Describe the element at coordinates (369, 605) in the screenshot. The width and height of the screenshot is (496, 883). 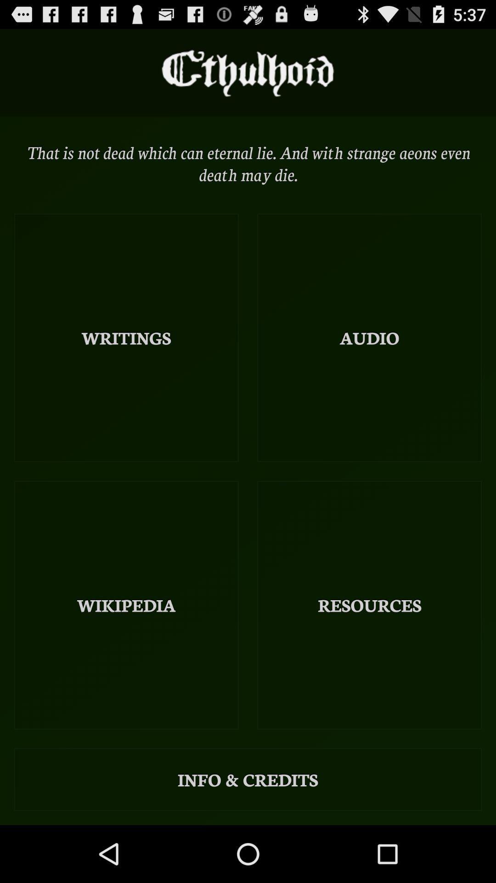
I see `the item next to the wikipedia item` at that location.